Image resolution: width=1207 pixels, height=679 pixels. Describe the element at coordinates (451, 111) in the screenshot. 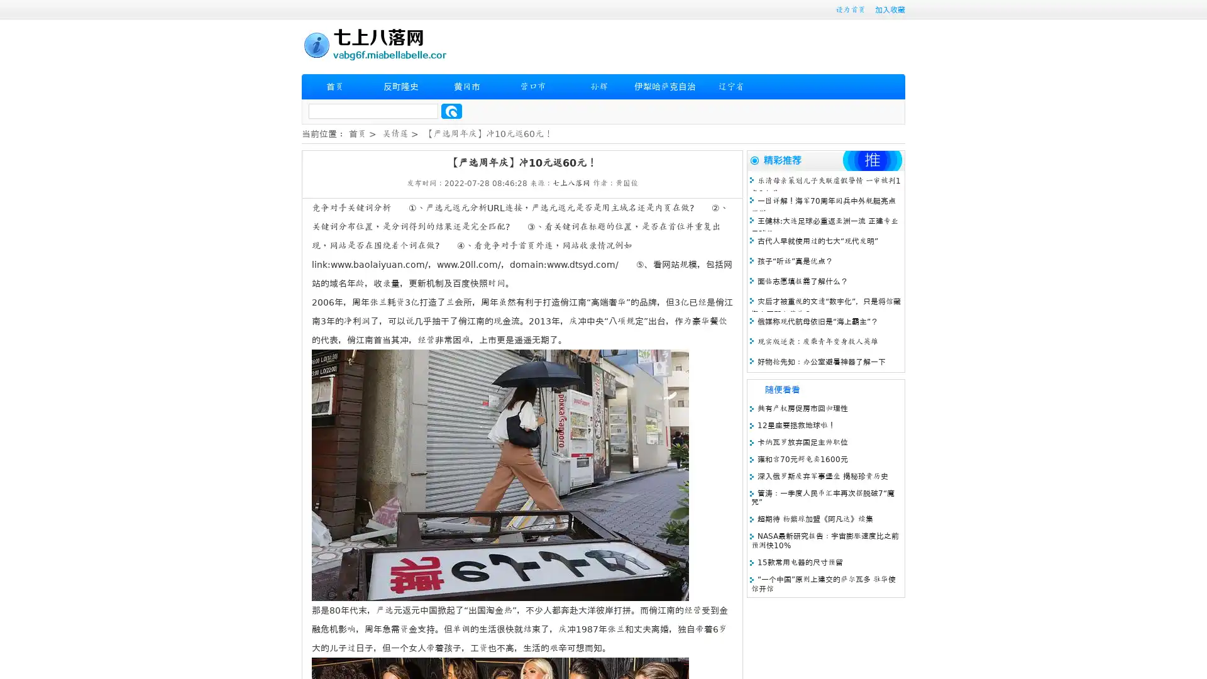

I see `Search` at that location.